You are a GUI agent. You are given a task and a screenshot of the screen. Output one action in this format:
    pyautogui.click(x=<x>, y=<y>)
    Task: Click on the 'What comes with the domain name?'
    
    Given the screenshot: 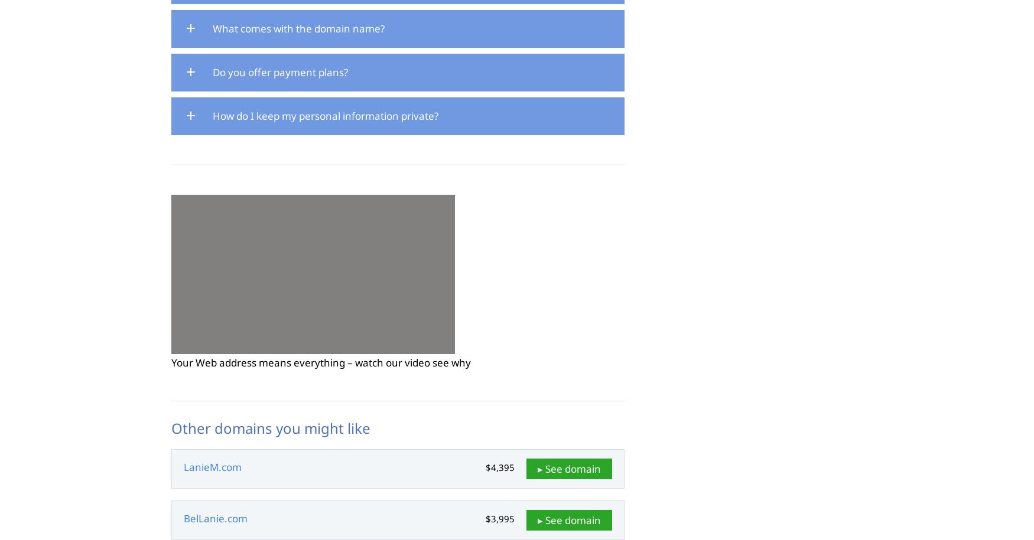 What is the action you would take?
    pyautogui.click(x=298, y=28)
    